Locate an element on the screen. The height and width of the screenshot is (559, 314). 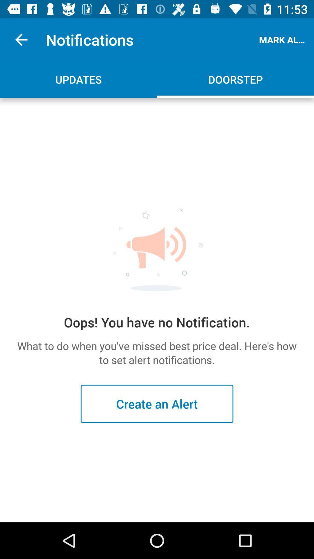
mark all read is located at coordinates (283, 39).